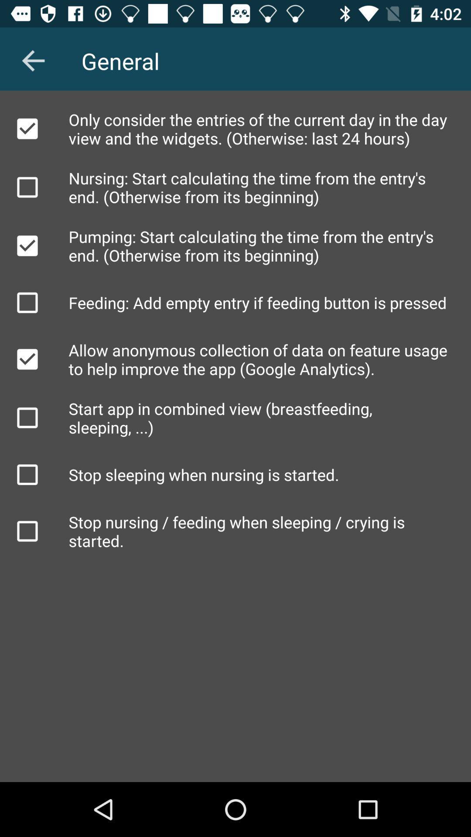 The width and height of the screenshot is (471, 837). Describe the element at coordinates (27, 359) in the screenshot. I see `box` at that location.